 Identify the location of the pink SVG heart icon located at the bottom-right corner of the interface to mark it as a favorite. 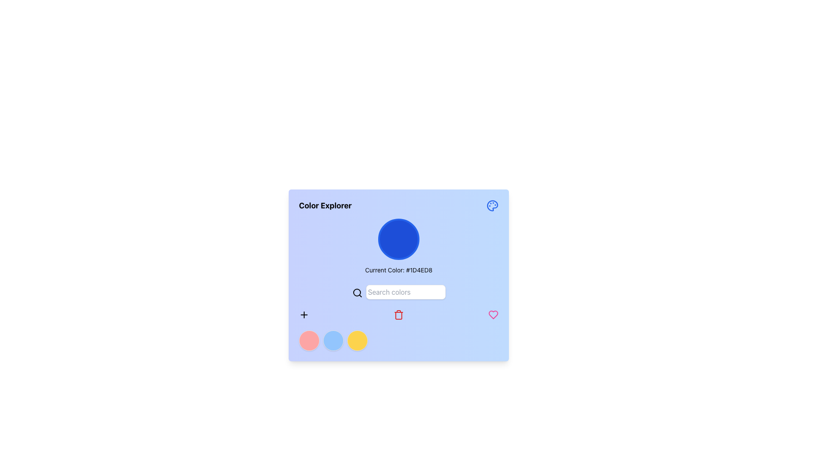
(493, 314).